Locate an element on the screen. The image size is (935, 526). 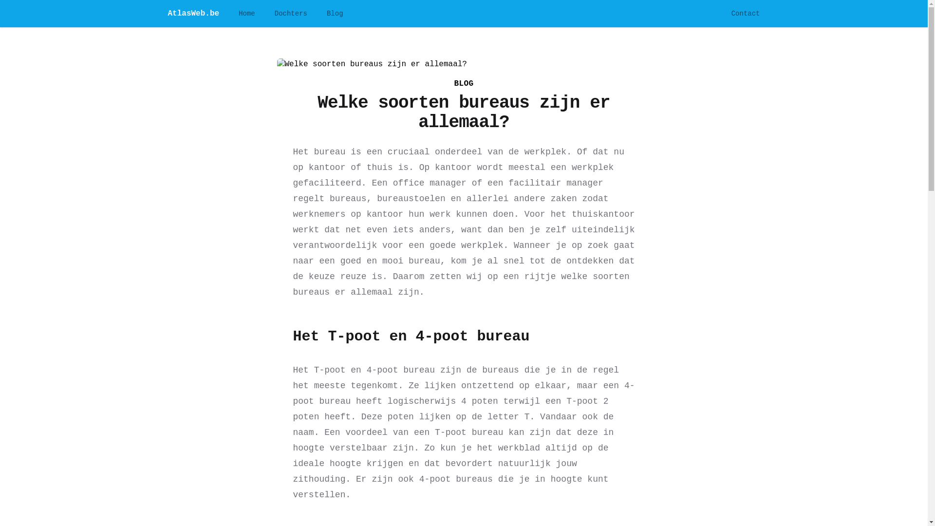
'Home' is located at coordinates (238, 13).